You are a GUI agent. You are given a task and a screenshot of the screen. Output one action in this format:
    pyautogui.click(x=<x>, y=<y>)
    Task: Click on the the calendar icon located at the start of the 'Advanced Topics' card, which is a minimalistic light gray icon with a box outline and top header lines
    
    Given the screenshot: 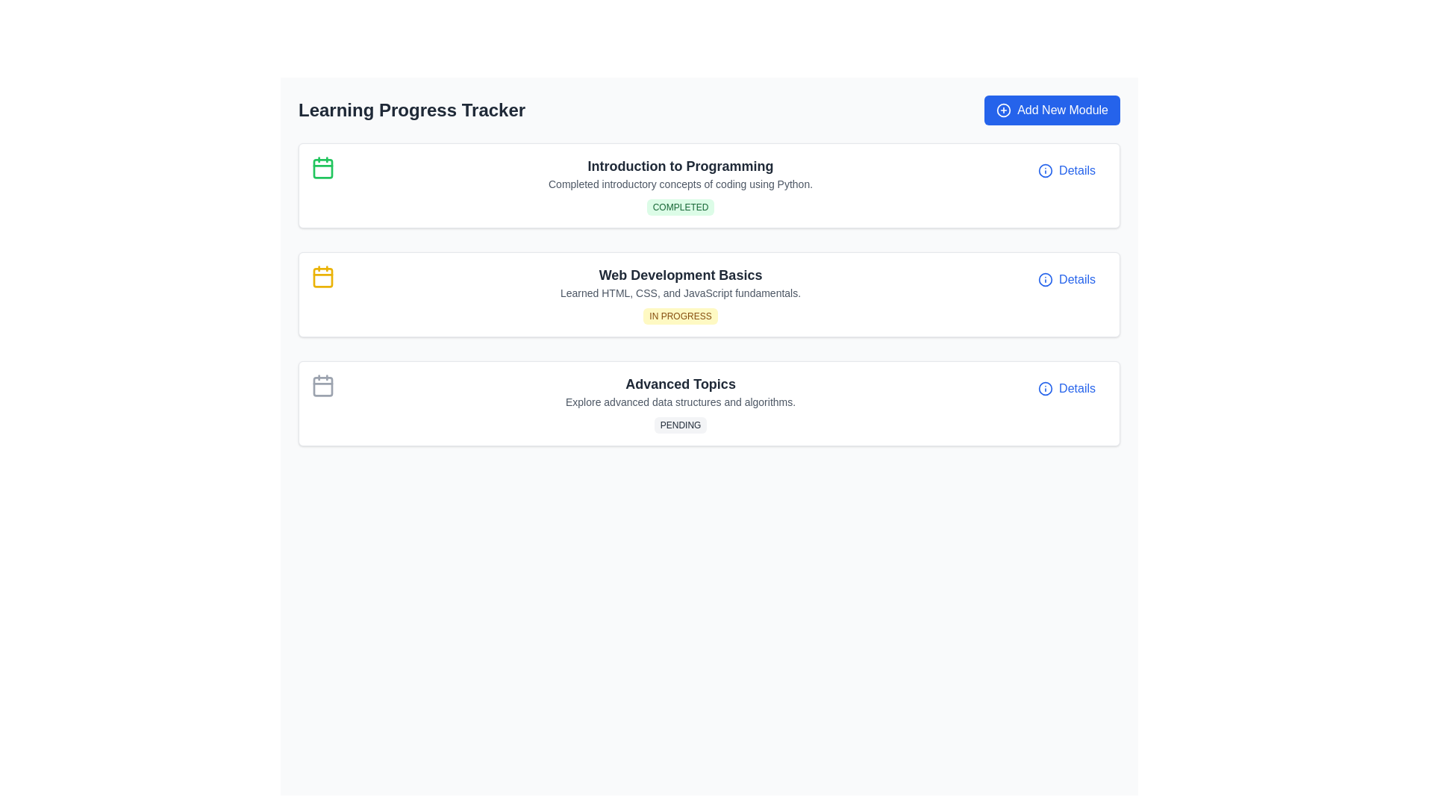 What is the action you would take?
    pyautogui.click(x=322, y=384)
    